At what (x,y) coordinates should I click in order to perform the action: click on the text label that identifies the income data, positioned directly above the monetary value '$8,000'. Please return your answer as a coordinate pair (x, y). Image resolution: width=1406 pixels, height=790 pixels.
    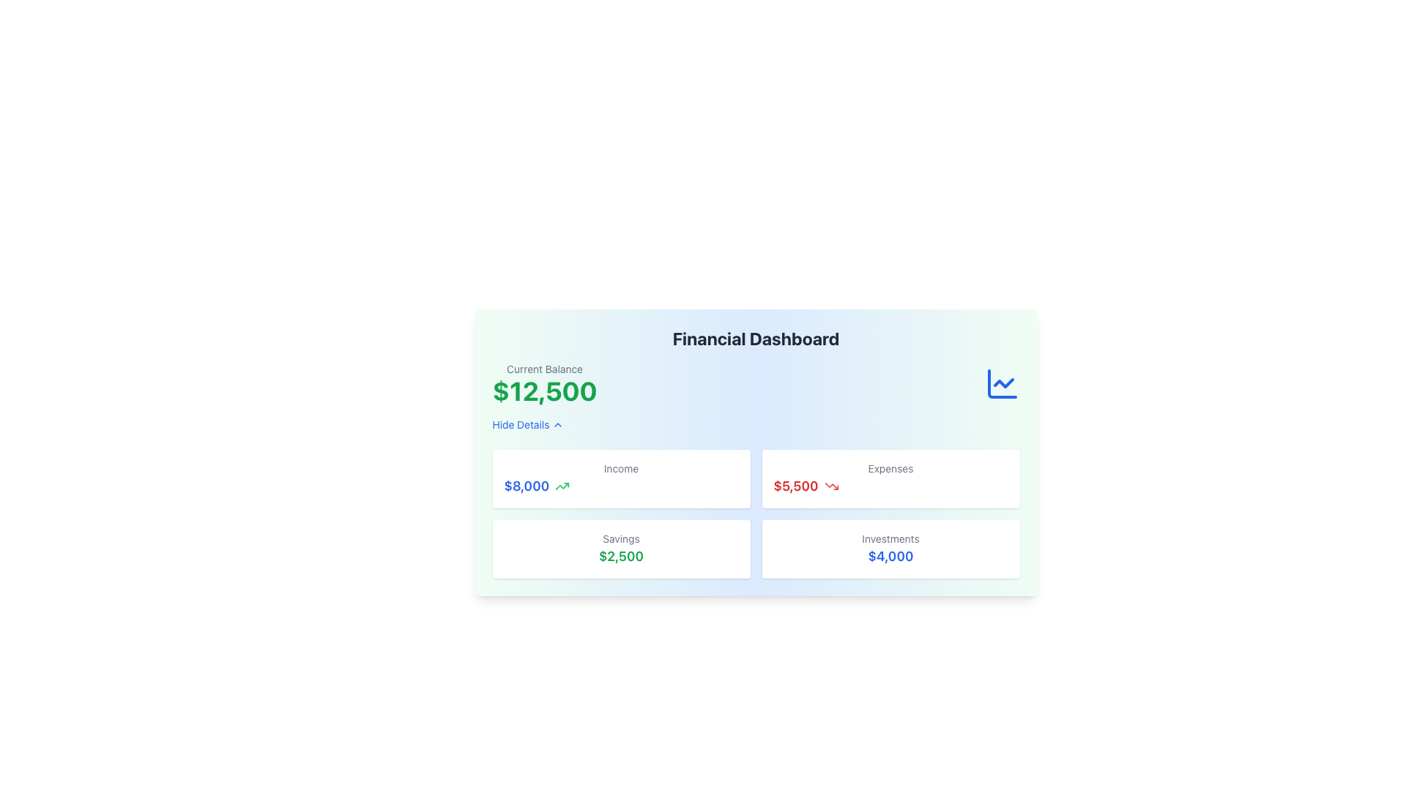
    Looking at the image, I should click on (621, 468).